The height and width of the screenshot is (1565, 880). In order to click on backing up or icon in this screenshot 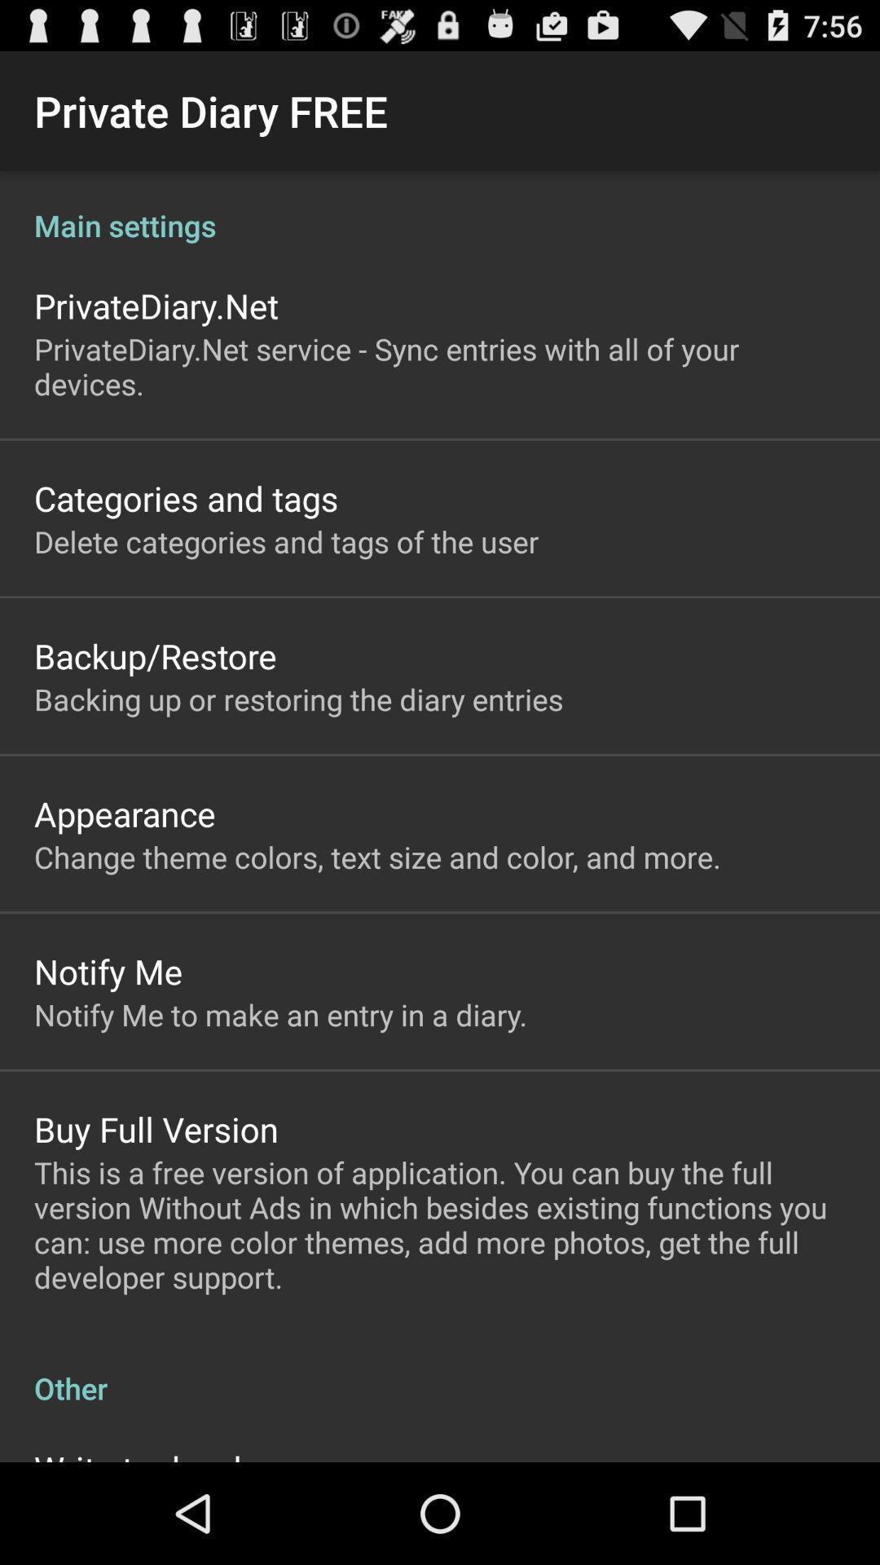, I will do `click(298, 699)`.